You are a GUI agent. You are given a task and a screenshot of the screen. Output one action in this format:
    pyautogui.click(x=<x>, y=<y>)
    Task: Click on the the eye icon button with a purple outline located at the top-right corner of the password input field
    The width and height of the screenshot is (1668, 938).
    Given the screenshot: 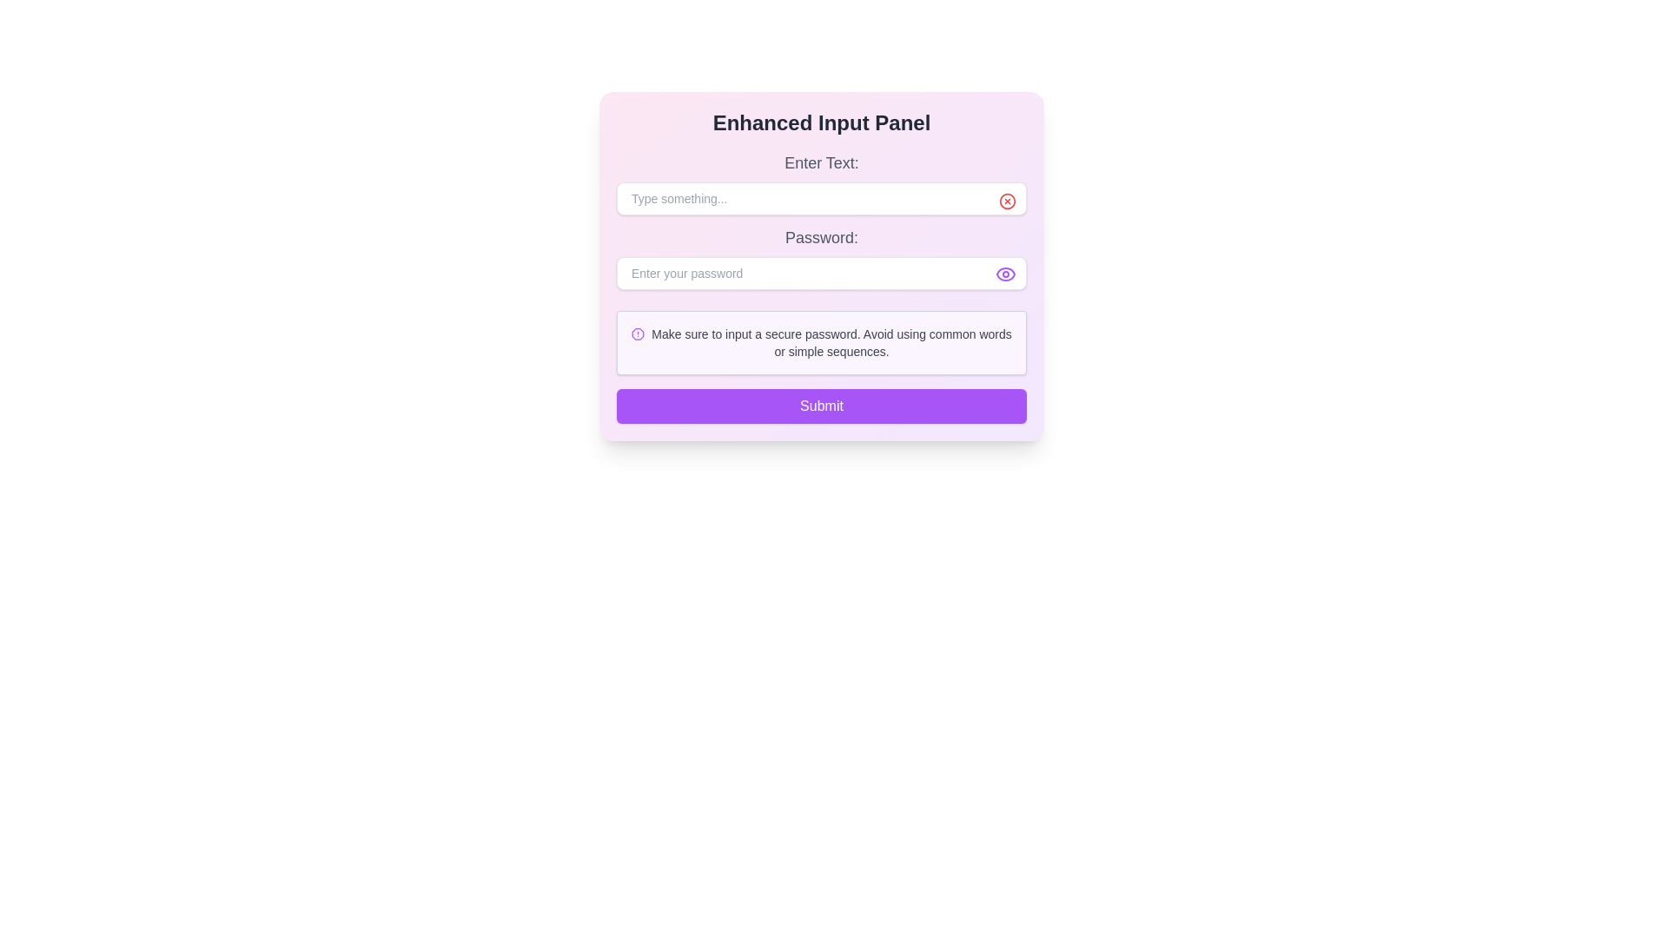 What is the action you would take?
    pyautogui.click(x=1005, y=274)
    